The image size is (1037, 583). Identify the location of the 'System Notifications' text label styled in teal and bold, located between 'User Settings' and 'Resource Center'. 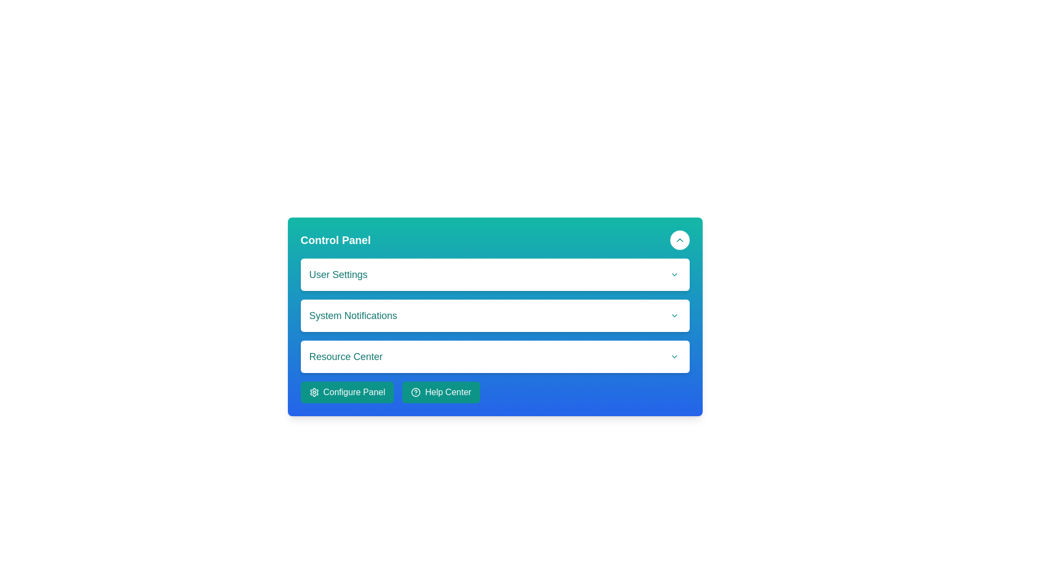
(353, 316).